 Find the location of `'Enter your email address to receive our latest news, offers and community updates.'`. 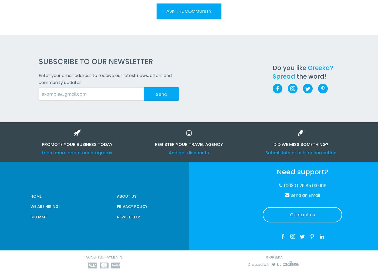

'Enter your email address to receive our latest news, offers and community updates.' is located at coordinates (105, 79).